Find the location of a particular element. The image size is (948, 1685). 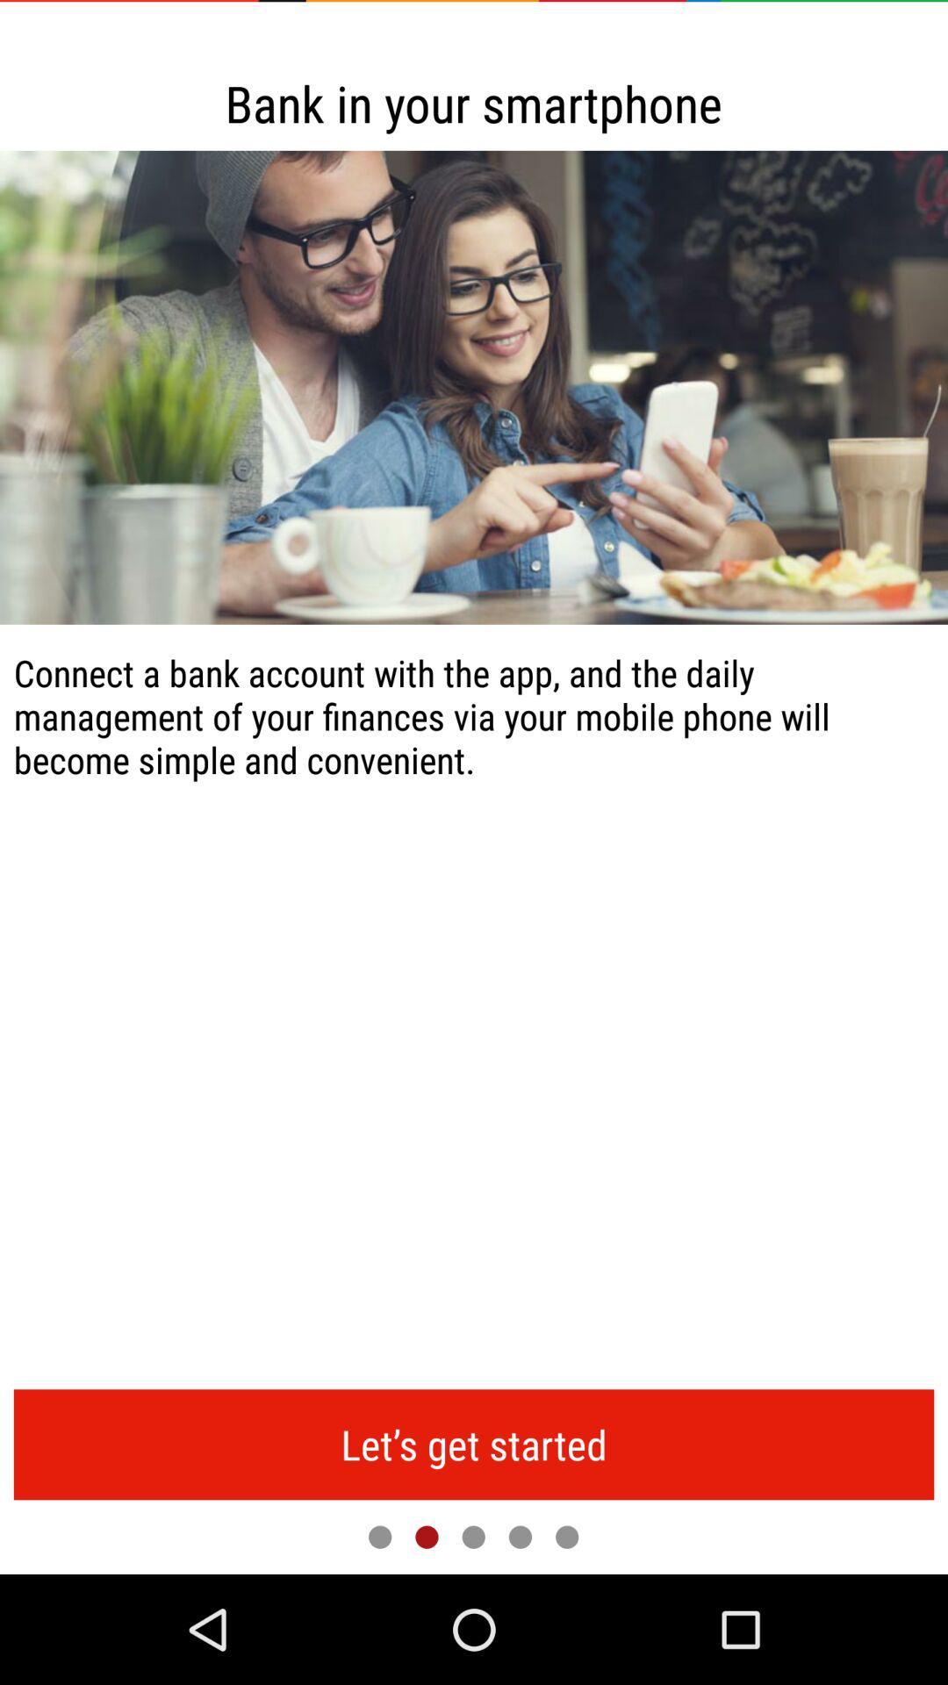

next slide is located at coordinates (427, 1536).